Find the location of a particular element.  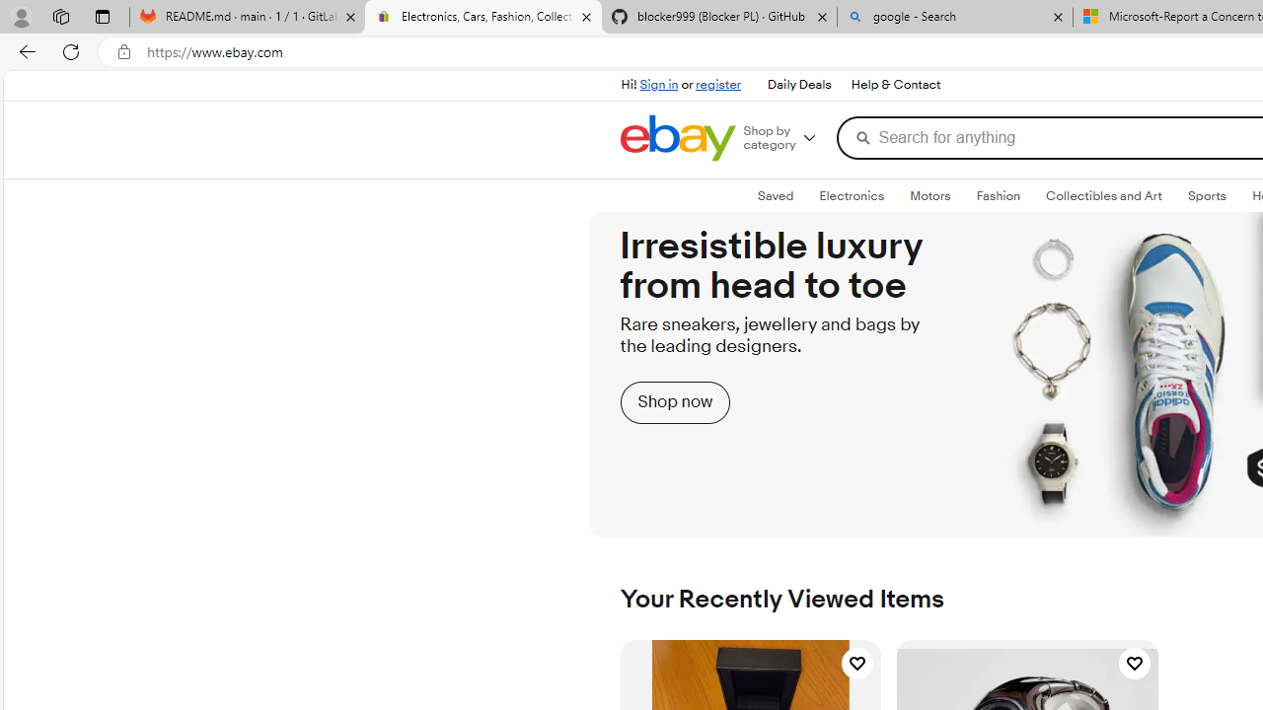

'Electronics' is located at coordinates (852, 196).